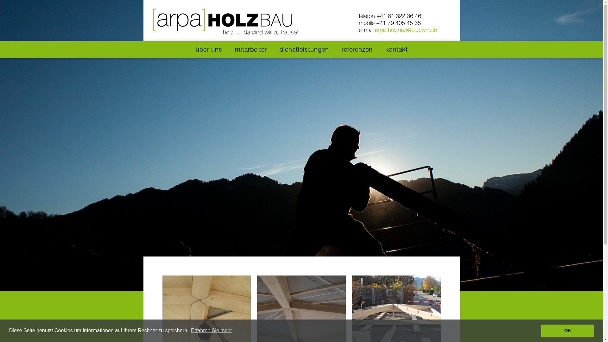 The height and width of the screenshot is (342, 608). What do you see at coordinates (304, 49) in the screenshot?
I see `'dienstleistungen'` at bounding box center [304, 49].